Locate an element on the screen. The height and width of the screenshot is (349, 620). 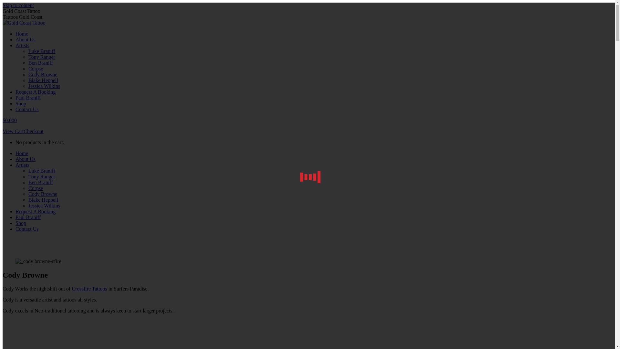
'Blake Heppell' is located at coordinates (43, 80).